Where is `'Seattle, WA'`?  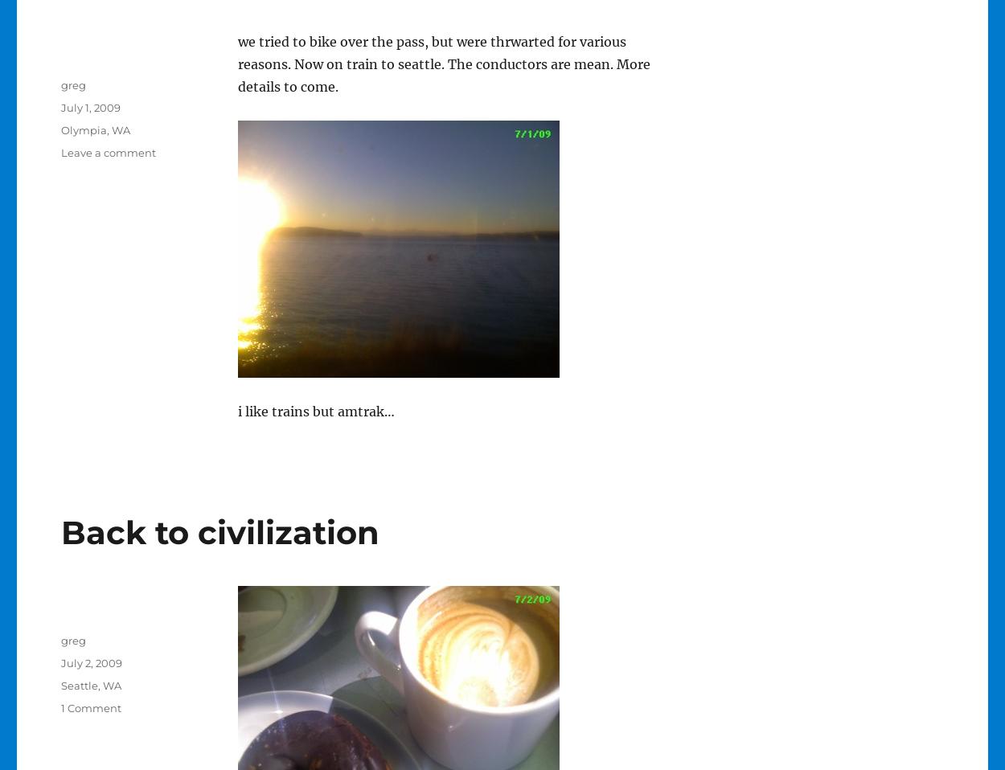 'Seattle, WA' is located at coordinates (89, 685).